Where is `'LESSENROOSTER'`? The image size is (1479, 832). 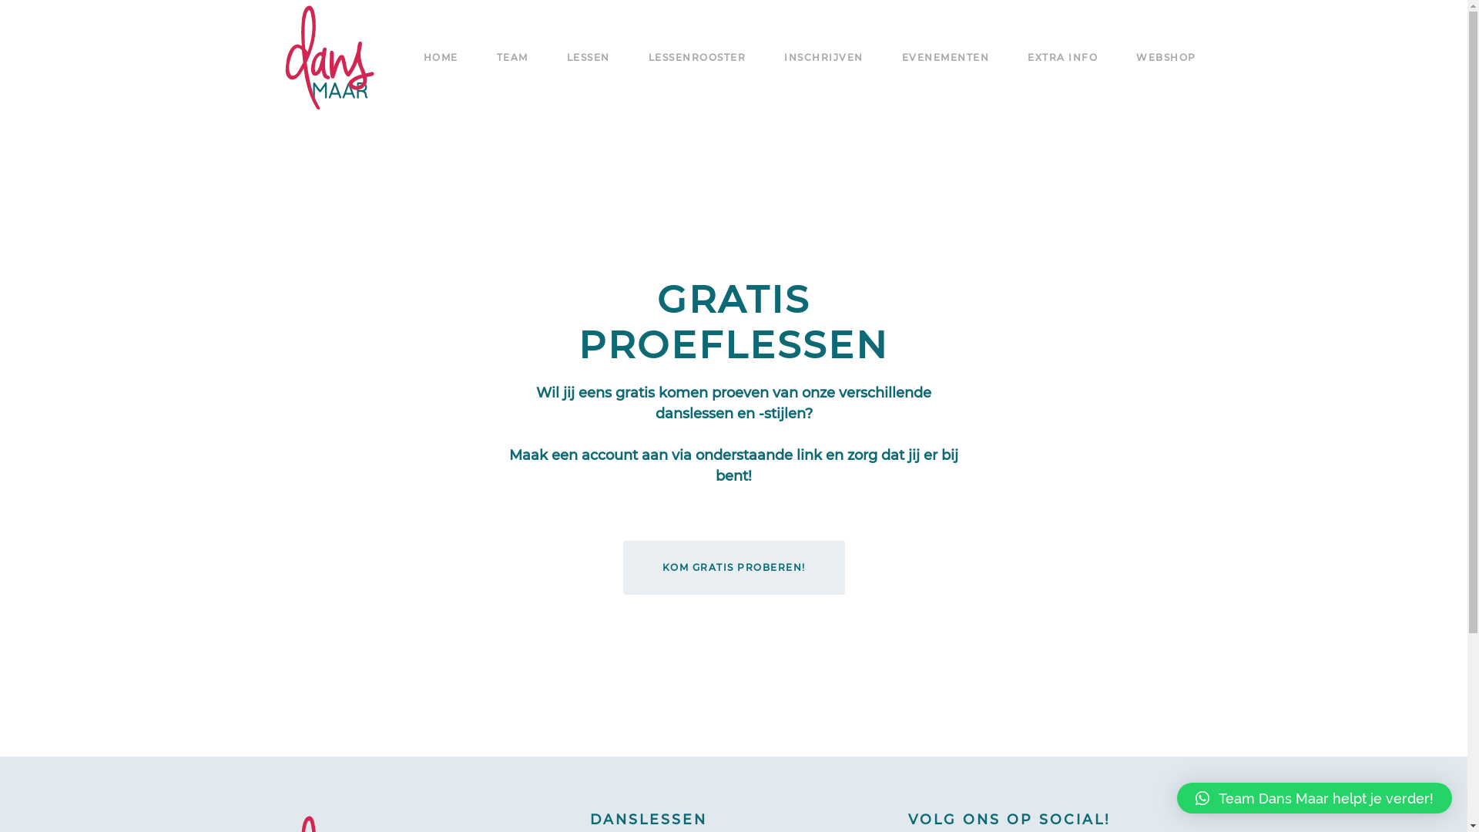 'LESSENROOSTER' is located at coordinates (696, 56).